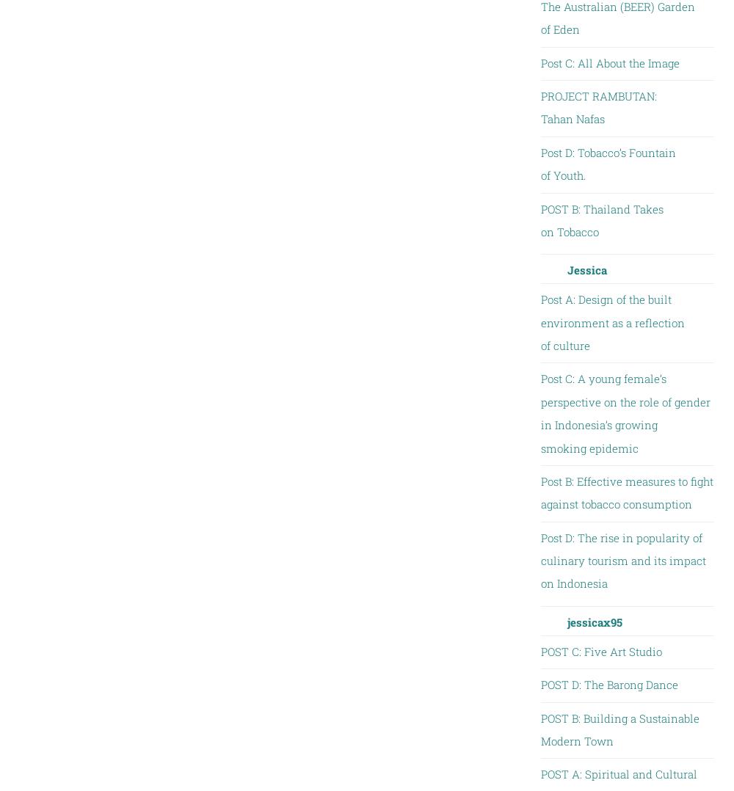 The height and width of the screenshot is (791, 734). I want to click on 'Post B: Effective measures to fight against tobacco consumption', so click(625, 492).